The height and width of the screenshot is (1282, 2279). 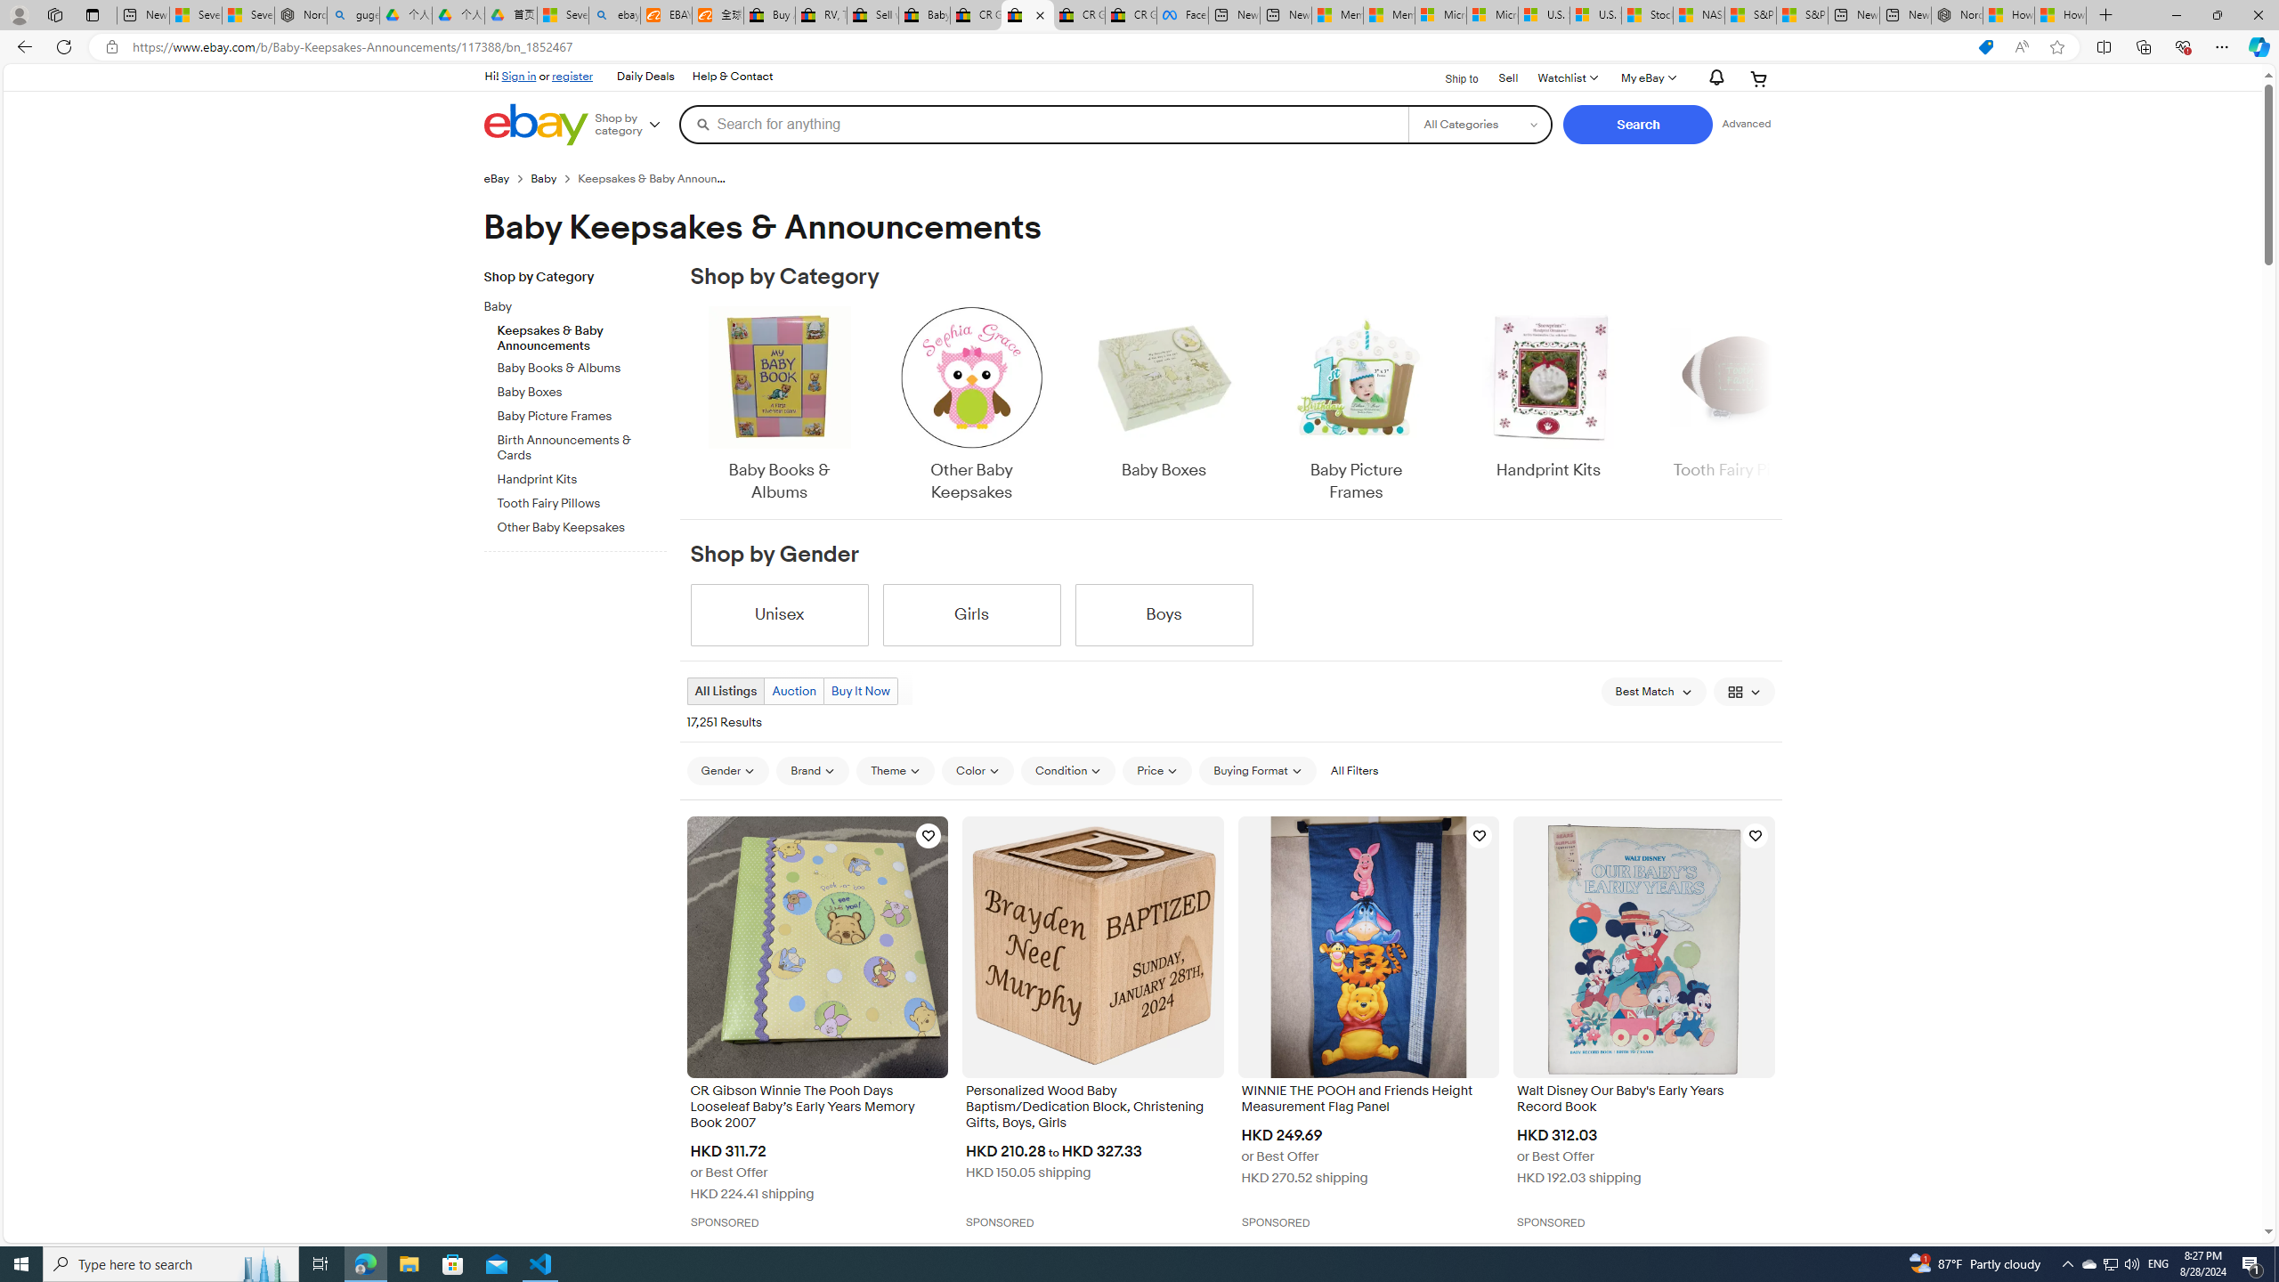 I want to click on 'Ship to', so click(x=1449, y=77).